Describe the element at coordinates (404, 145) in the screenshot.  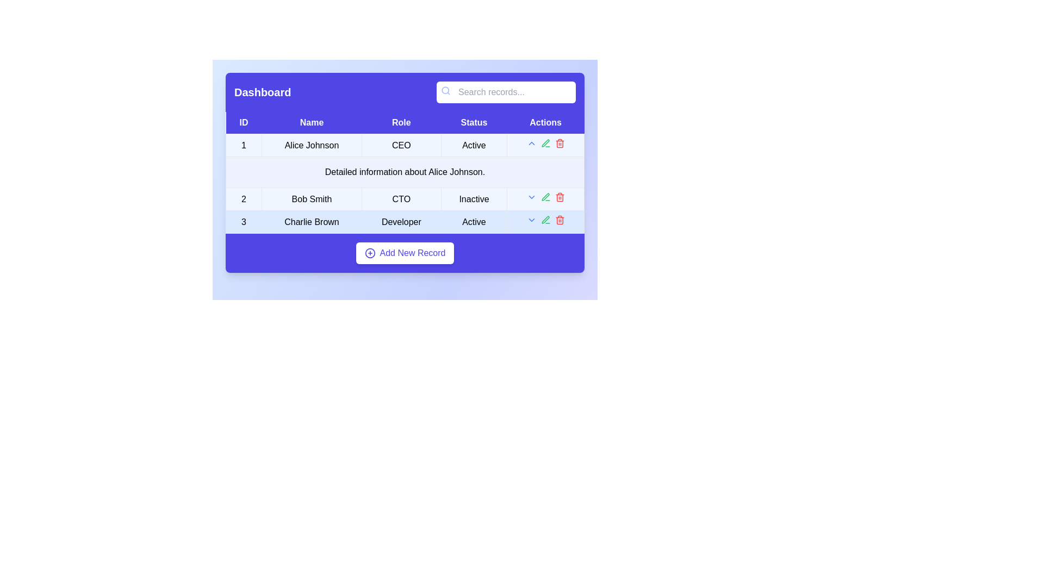
I see `the text element displaying the role 'CEO' for 'Alice Johnson' in the third column of the table` at that location.